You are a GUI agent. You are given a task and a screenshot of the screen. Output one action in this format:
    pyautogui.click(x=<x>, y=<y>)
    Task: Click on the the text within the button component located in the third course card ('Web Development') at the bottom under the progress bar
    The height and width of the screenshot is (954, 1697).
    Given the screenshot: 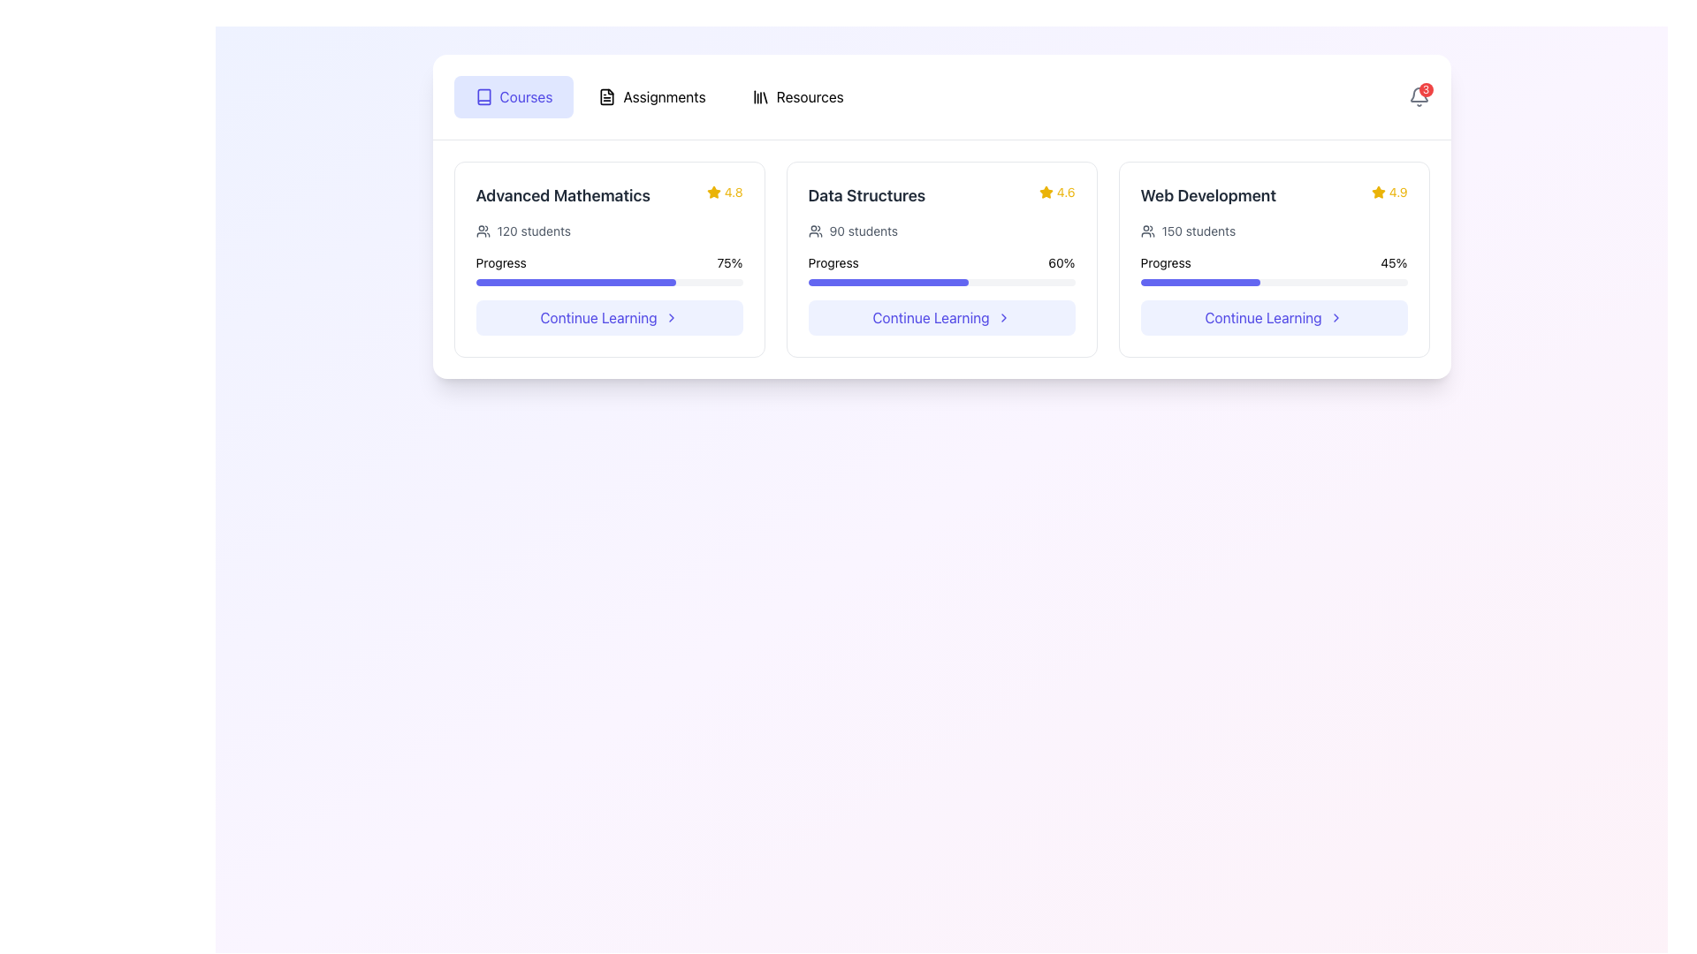 What is the action you would take?
    pyautogui.click(x=1262, y=316)
    